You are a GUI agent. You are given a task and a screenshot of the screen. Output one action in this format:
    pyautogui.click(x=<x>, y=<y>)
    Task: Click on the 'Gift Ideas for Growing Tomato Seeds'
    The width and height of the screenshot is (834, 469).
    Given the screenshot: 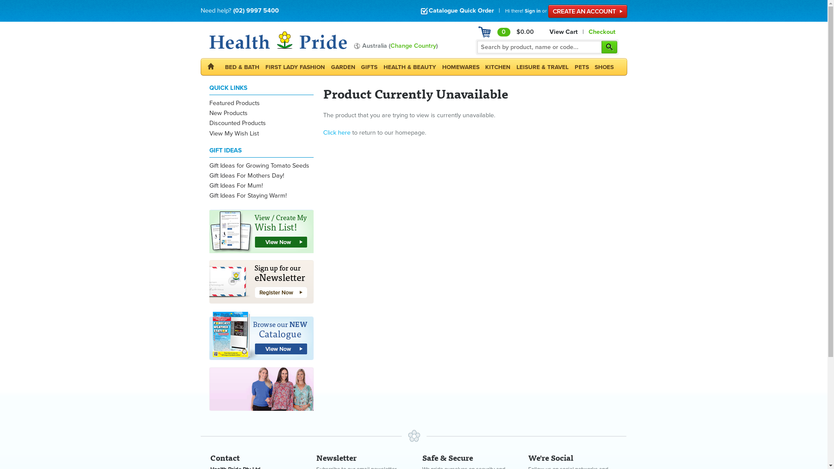 What is the action you would take?
    pyautogui.click(x=258, y=165)
    